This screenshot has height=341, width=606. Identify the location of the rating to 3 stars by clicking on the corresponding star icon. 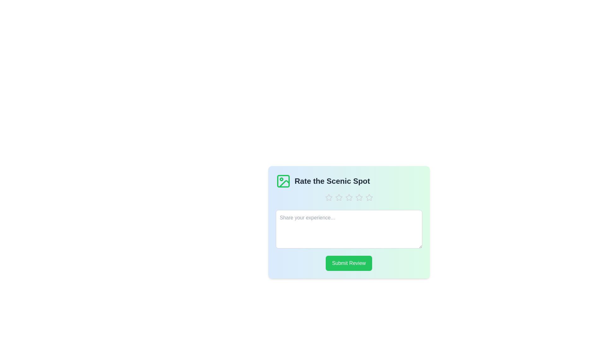
(348, 197).